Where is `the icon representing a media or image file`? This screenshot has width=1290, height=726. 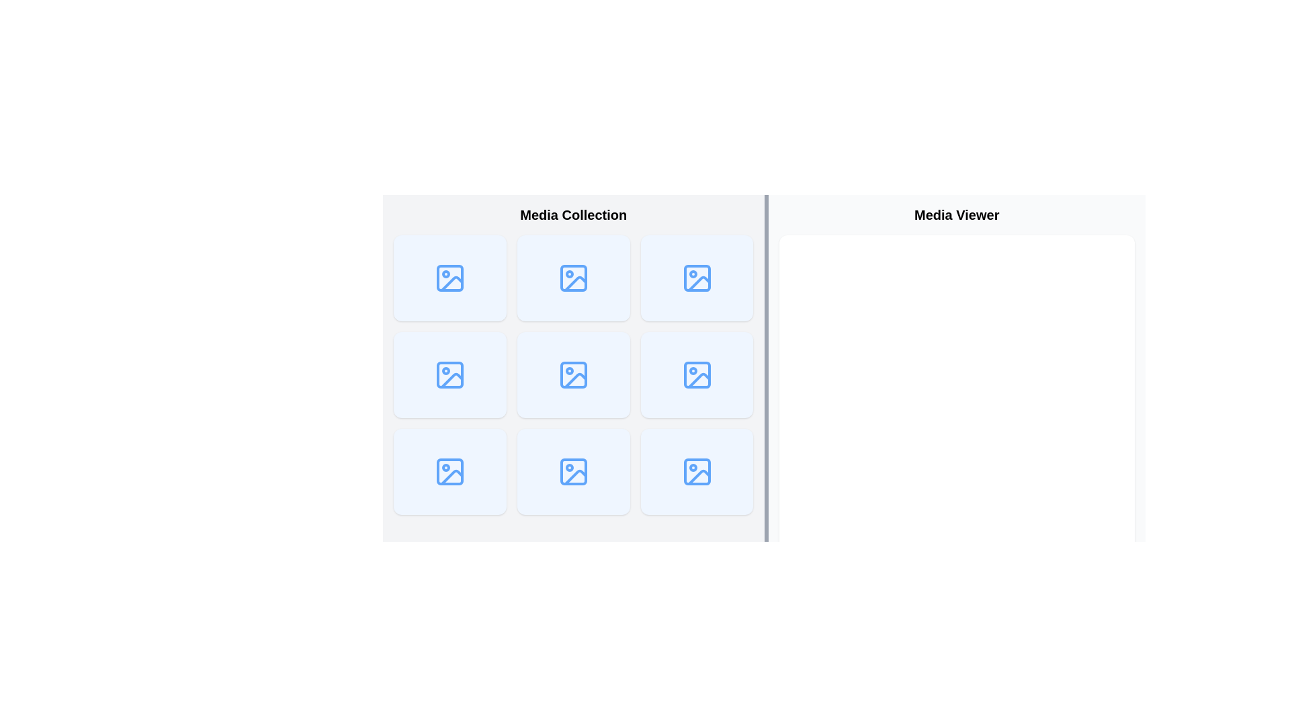
the icon representing a media or image file is located at coordinates (449, 471).